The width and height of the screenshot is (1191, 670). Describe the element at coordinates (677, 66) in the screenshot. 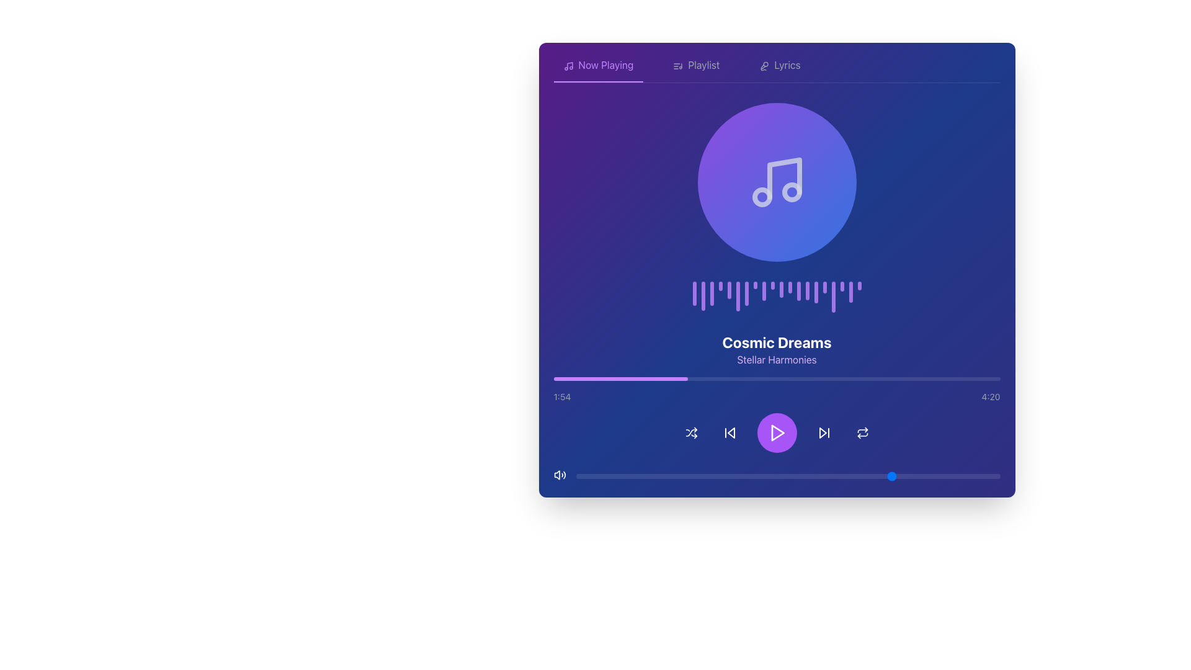

I see `the 'Playlist' icon located in the upper-left section of the application interface, adjacent to the 'Playlist' label` at that location.